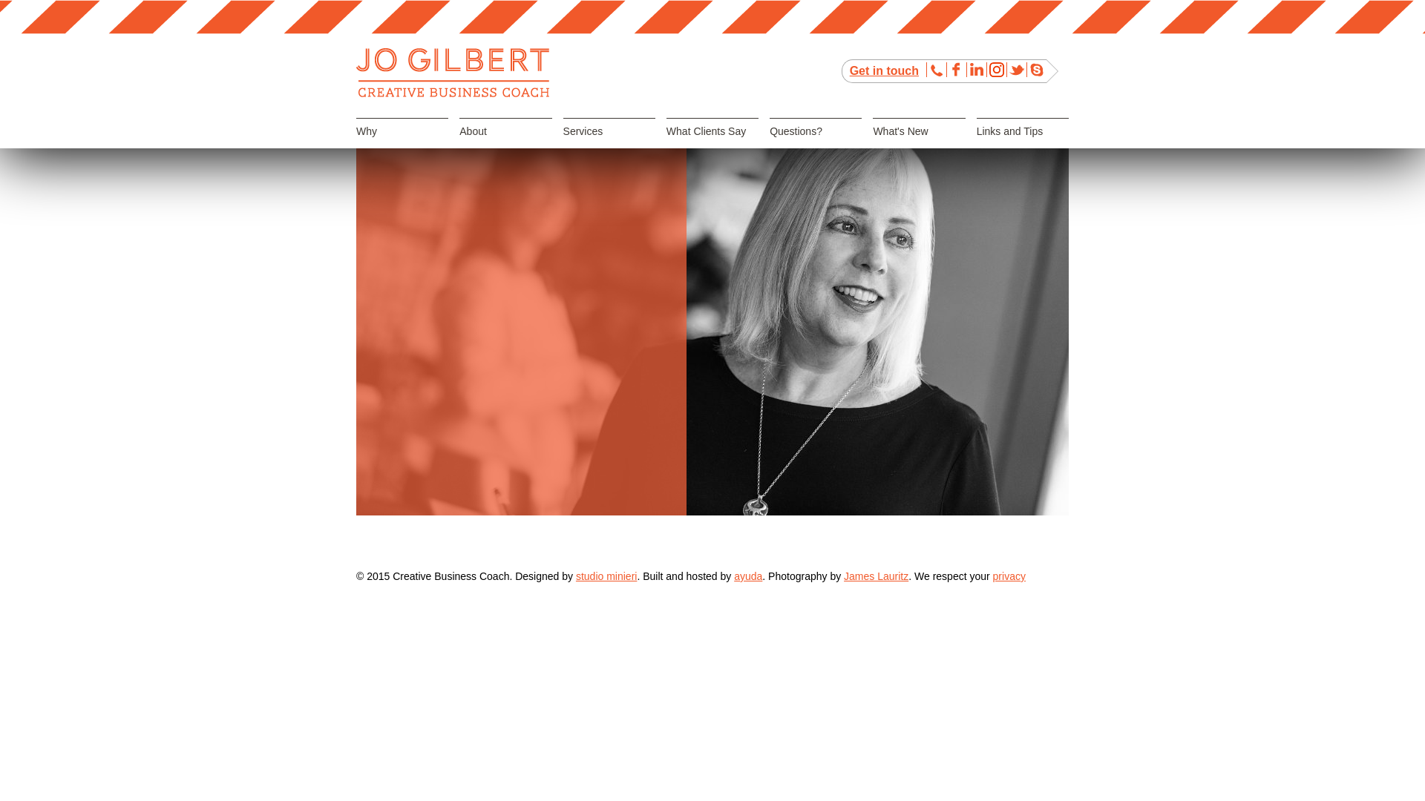  I want to click on 'Services', so click(609, 145).